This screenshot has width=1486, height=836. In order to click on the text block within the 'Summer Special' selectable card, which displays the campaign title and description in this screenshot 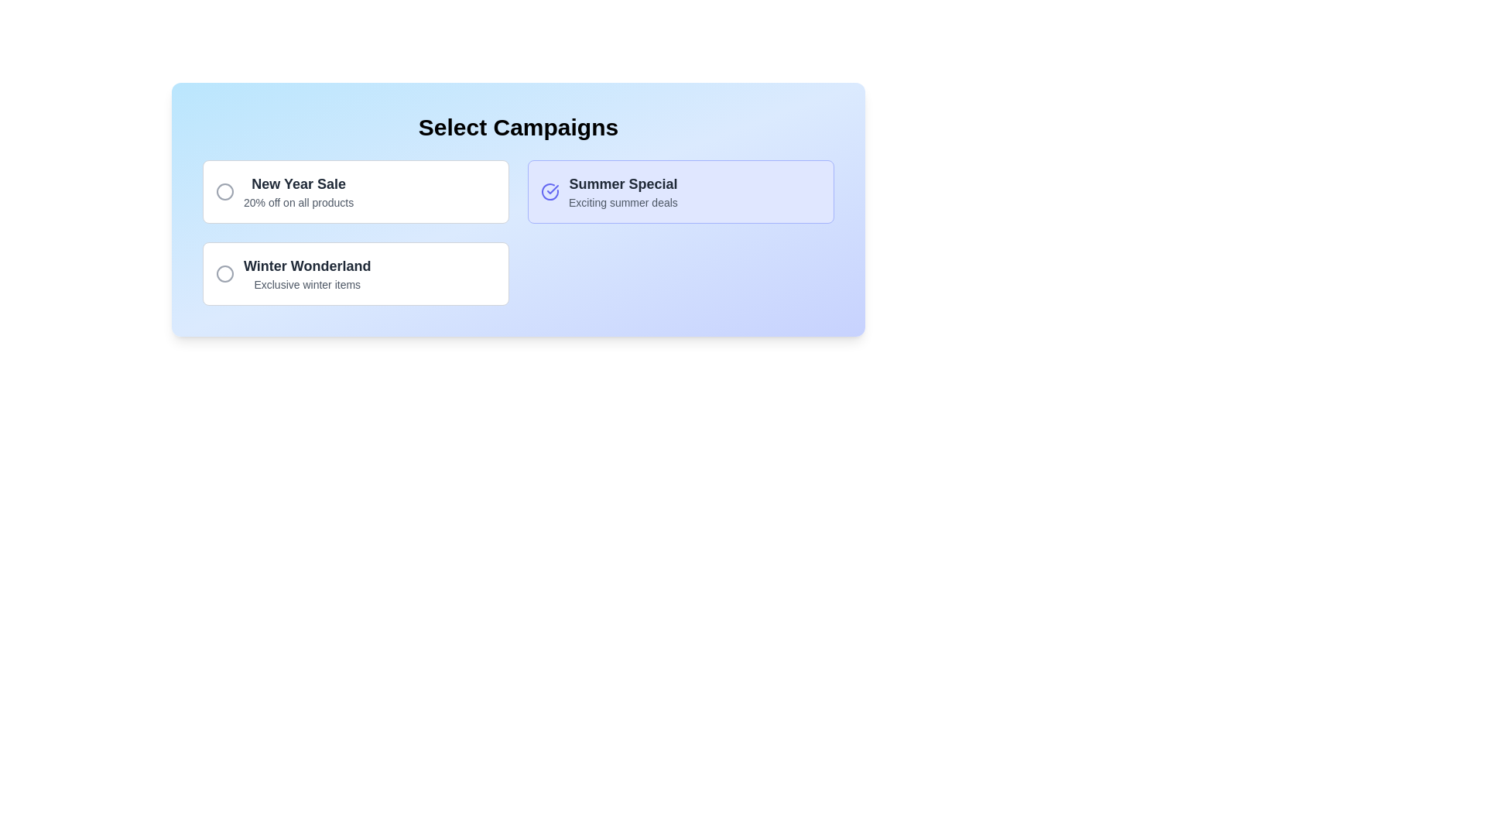, I will do `click(623, 190)`.